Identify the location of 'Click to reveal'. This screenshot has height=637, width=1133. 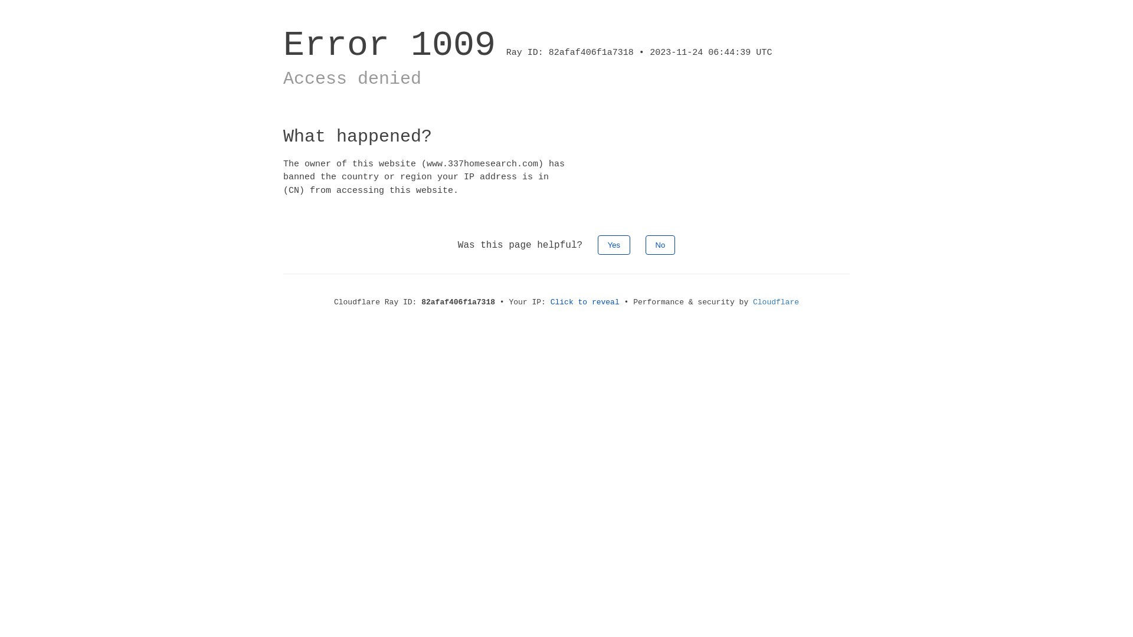
(585, 301).